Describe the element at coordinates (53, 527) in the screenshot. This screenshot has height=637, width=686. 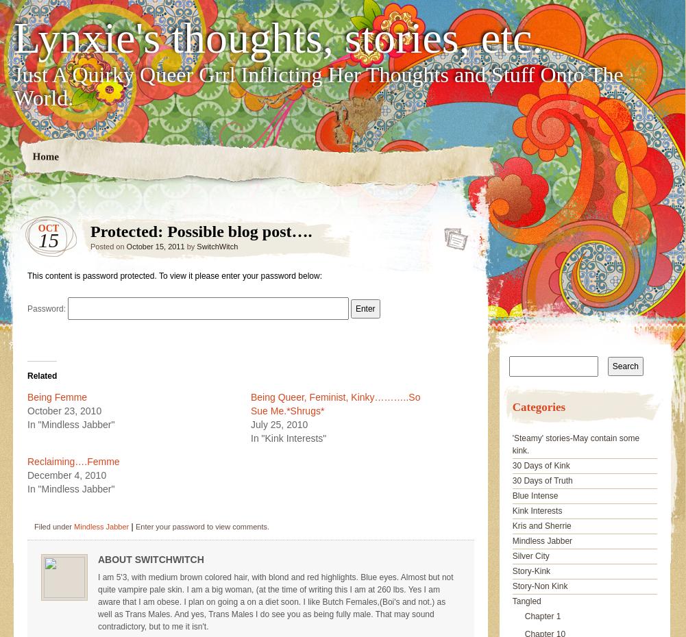
I see `'Filed under'` at that location.